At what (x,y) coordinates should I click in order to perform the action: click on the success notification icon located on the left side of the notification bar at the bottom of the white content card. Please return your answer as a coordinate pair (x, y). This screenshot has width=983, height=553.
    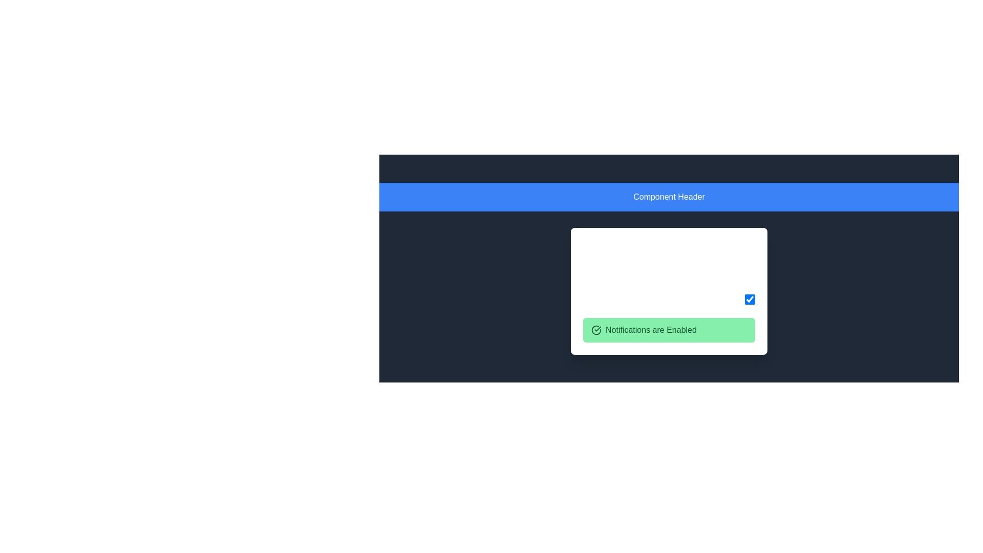
    Looking at the image, I should click on (596, 330).